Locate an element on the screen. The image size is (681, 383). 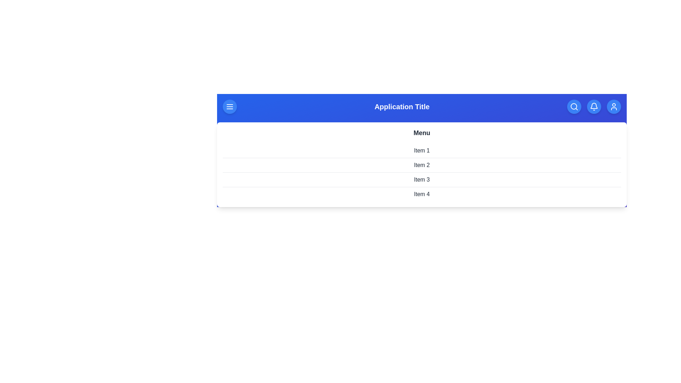
the button labeled Menu to observe its hover effect is located at coordinates (230, 106).